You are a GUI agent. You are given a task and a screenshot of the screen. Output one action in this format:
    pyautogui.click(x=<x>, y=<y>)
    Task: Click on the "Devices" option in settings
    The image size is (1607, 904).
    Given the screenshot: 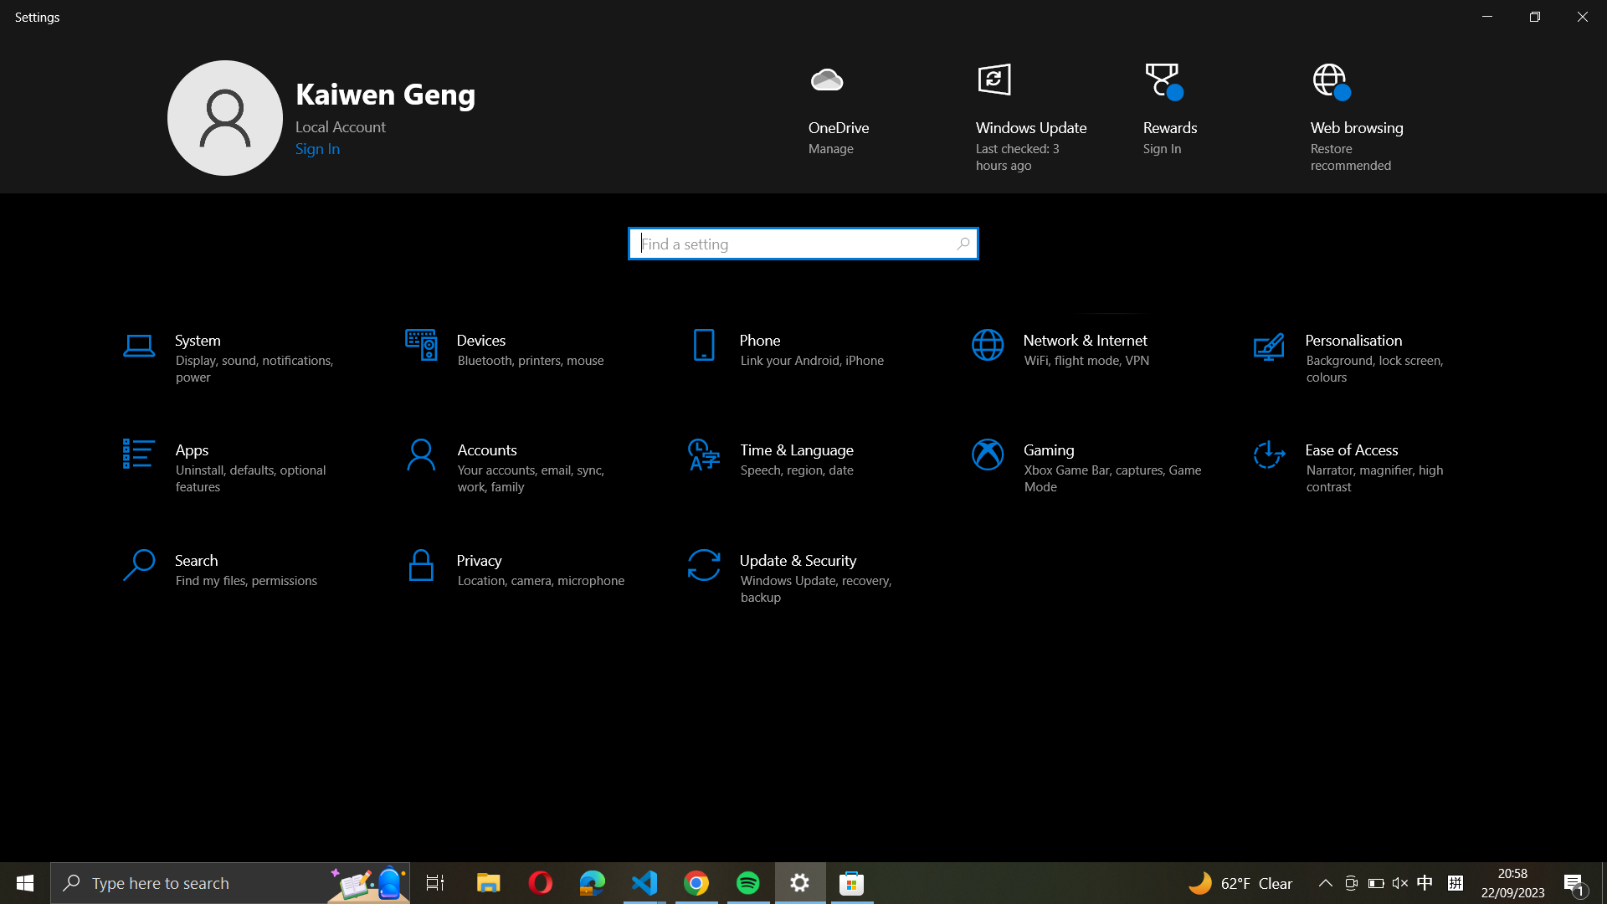 What is the action you would take?
    pyautogui.click(x=517, y=358)
    